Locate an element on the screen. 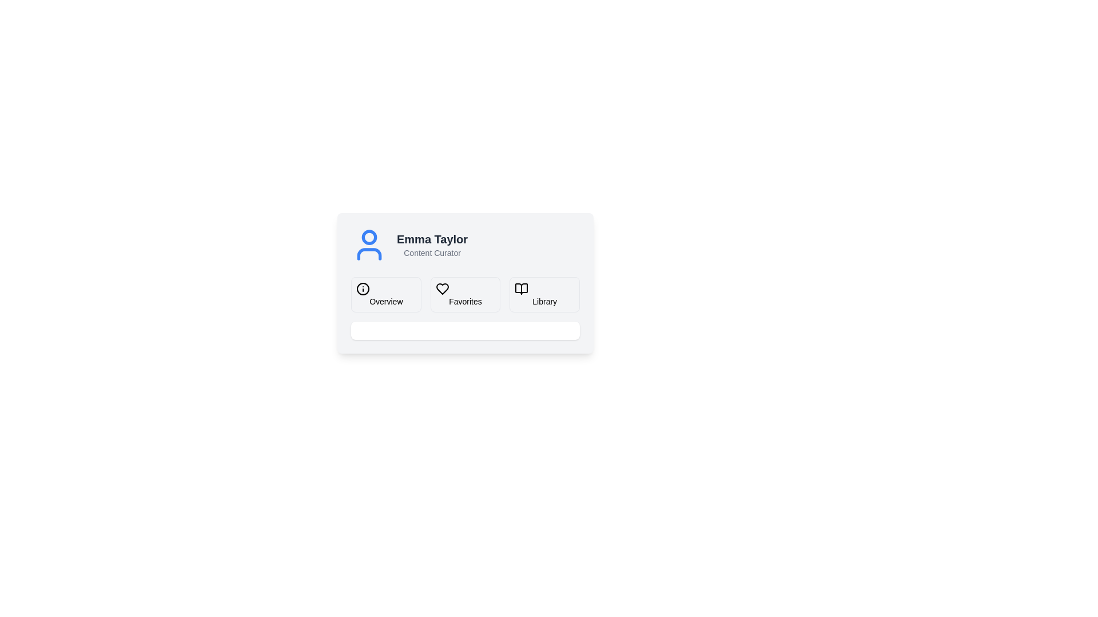  the circular dot located at the top center of the user profile avatar icon, which is visually distinct due to its filled styling is located at coordinates (369, 237).